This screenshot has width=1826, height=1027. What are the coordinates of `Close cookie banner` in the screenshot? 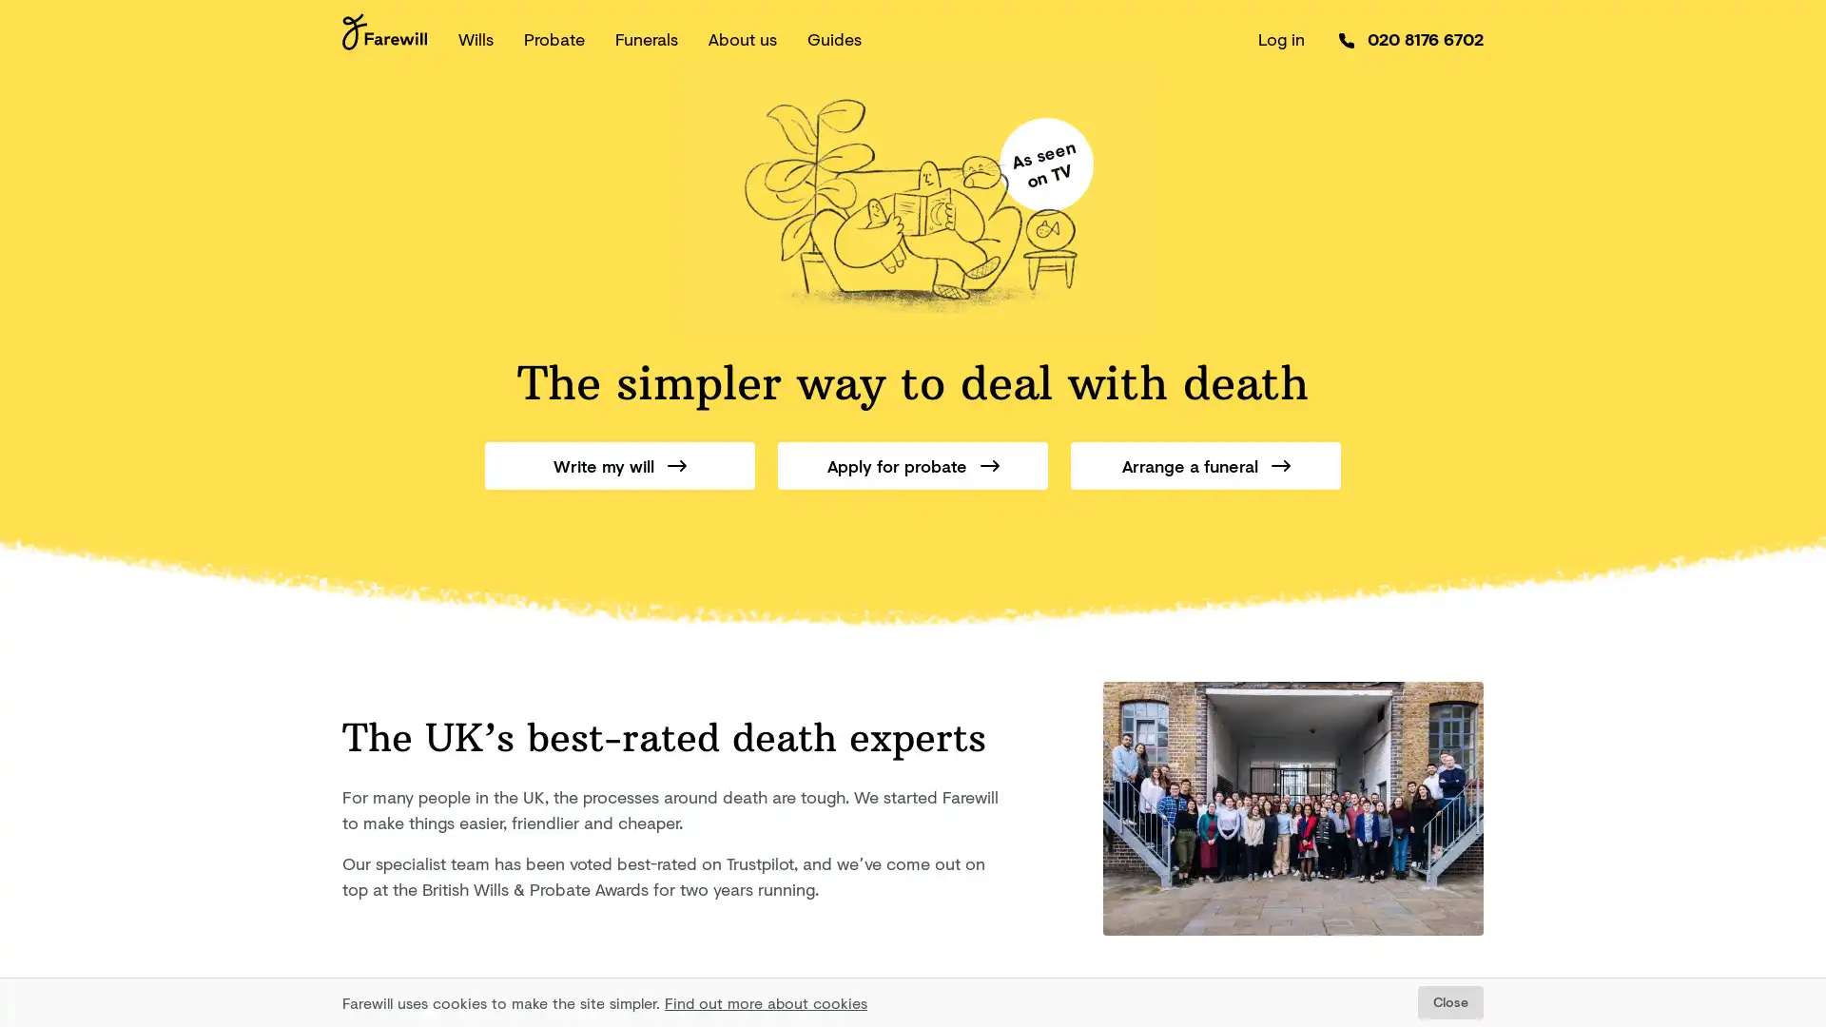 It's located at (1449, 1001).